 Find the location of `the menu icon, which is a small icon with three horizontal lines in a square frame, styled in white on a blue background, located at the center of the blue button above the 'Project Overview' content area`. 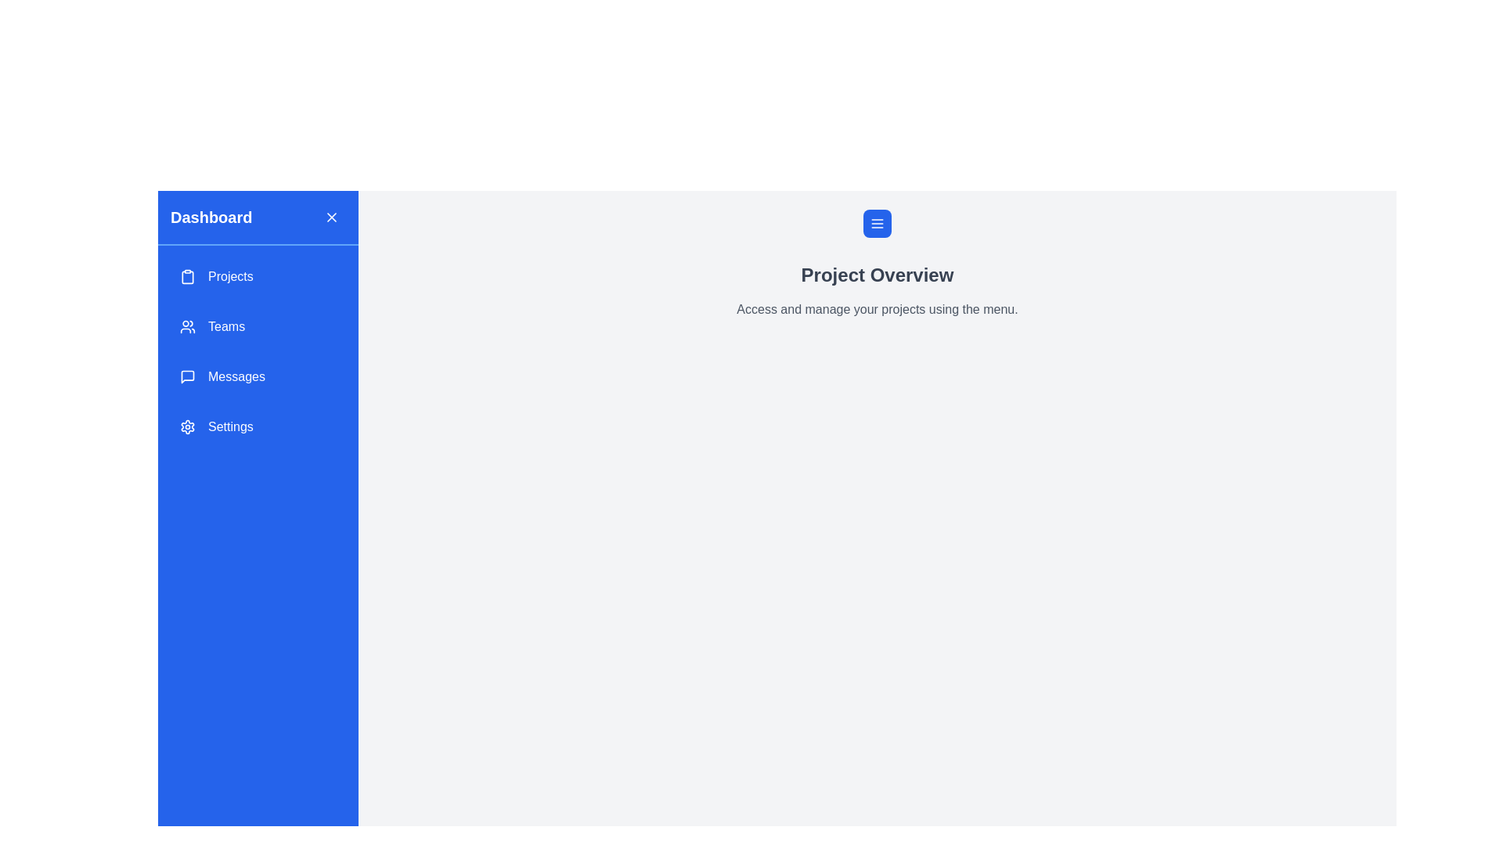

the menu icon, which is a small icon with three horizontal lines in a square frame, styled in white on a blue background, located at the center of the blue button above the 'Project Overview' content area is located at coordinates (878, 223).